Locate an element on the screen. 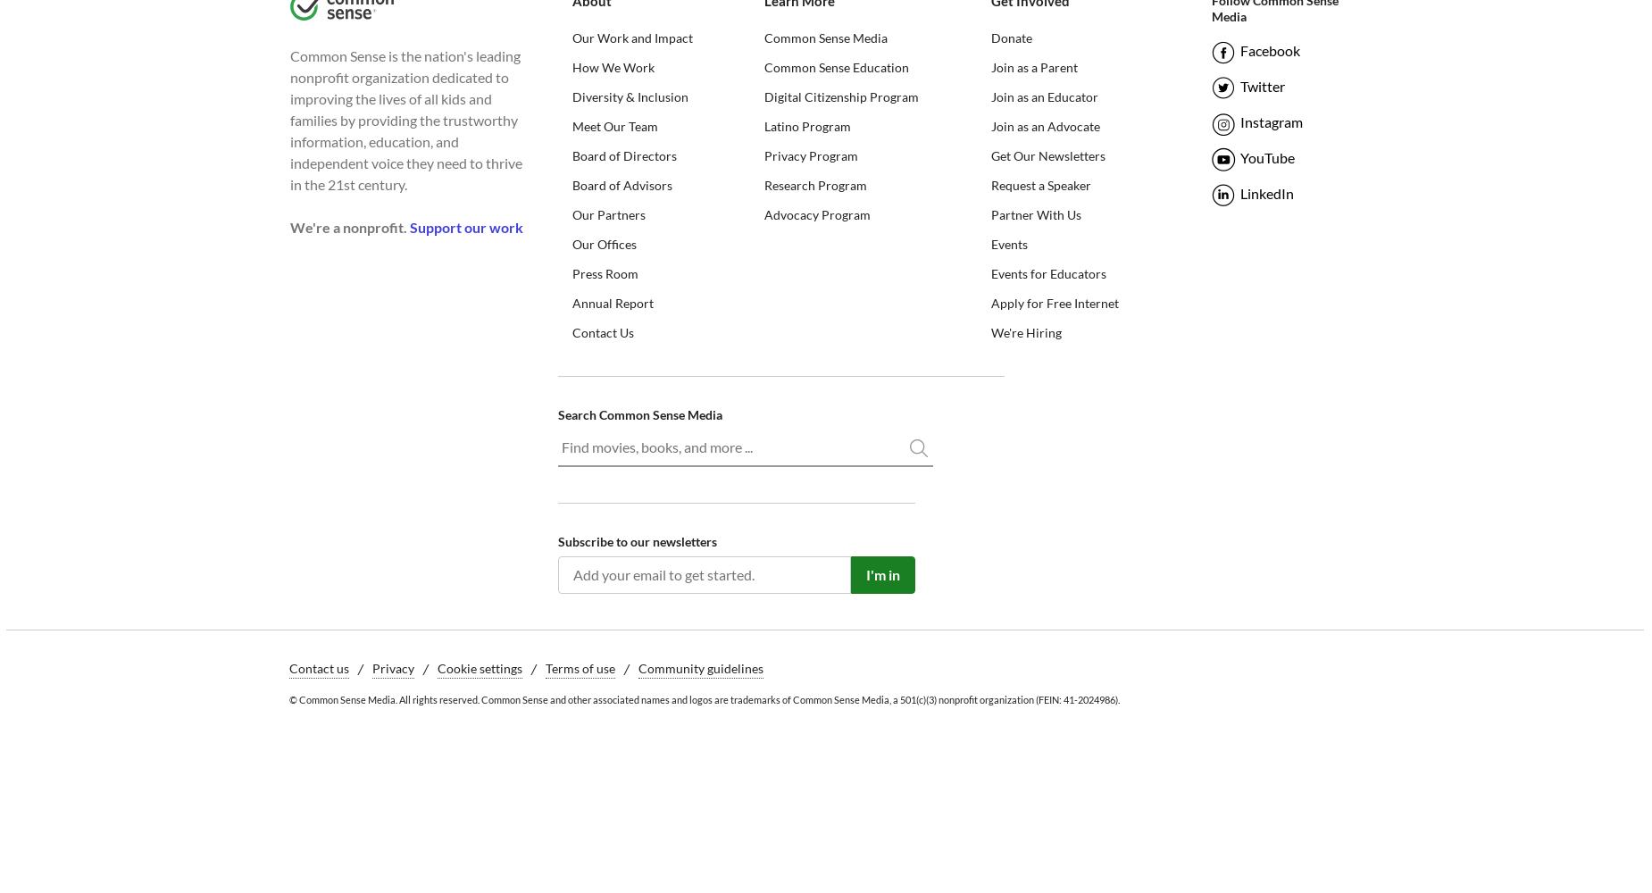 The width and height of the screenshot is (1652, 893). 'Events for Educators' is located at coordinates (989, 273).